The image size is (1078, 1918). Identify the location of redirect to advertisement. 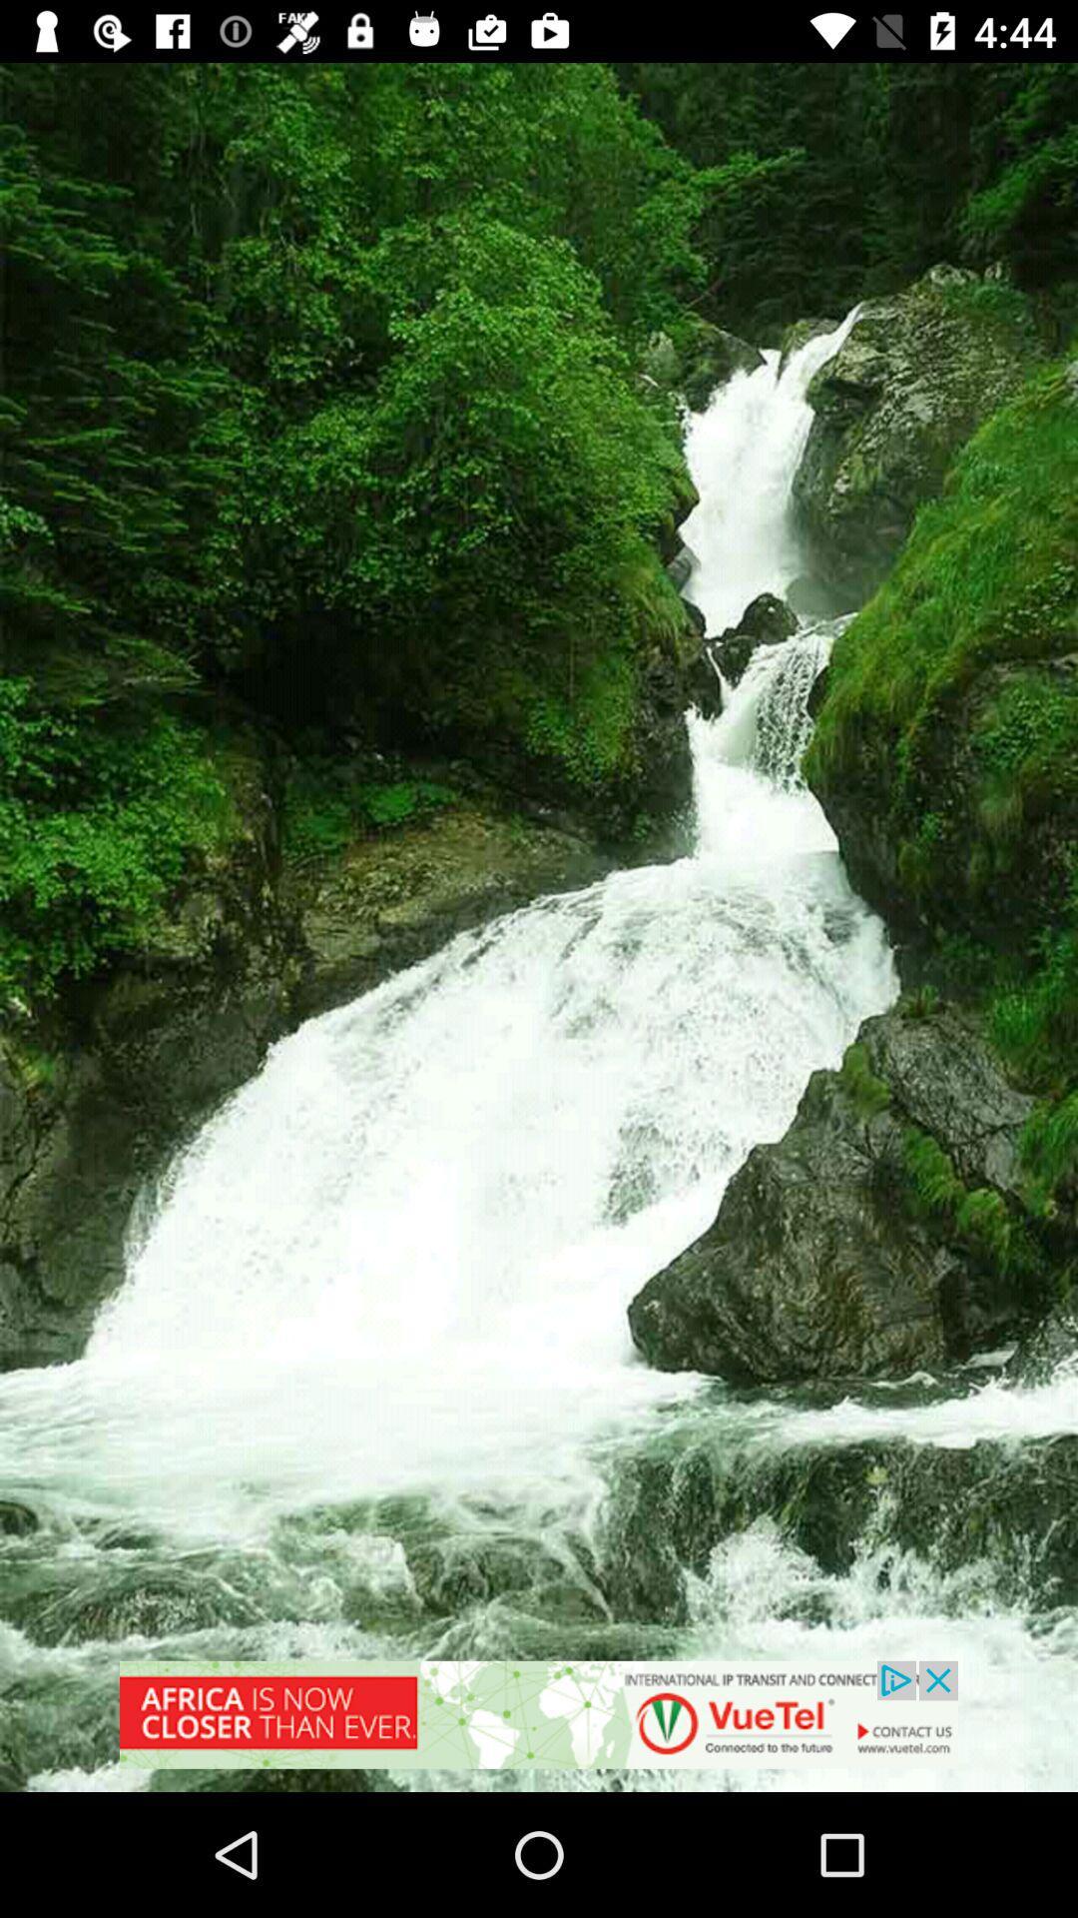
(539, 1725).